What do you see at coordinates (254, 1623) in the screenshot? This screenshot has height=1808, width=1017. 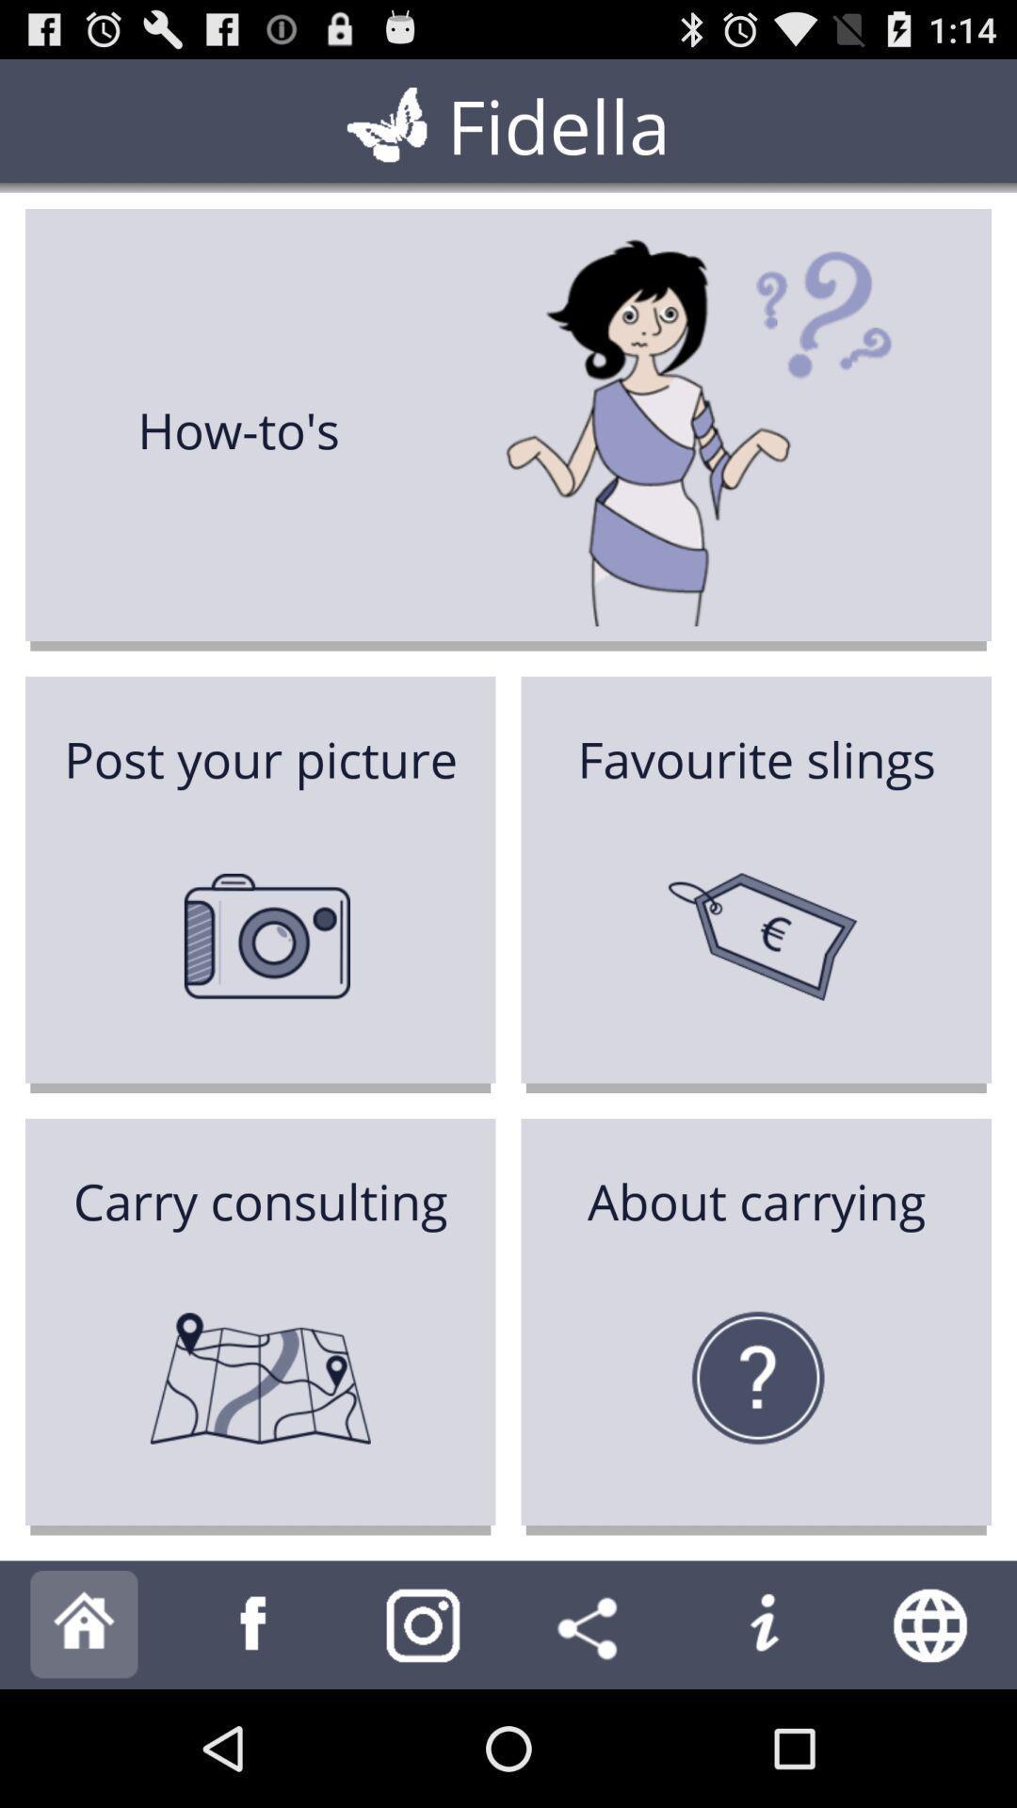 I see `previous` at bounding box center [254, 1623].